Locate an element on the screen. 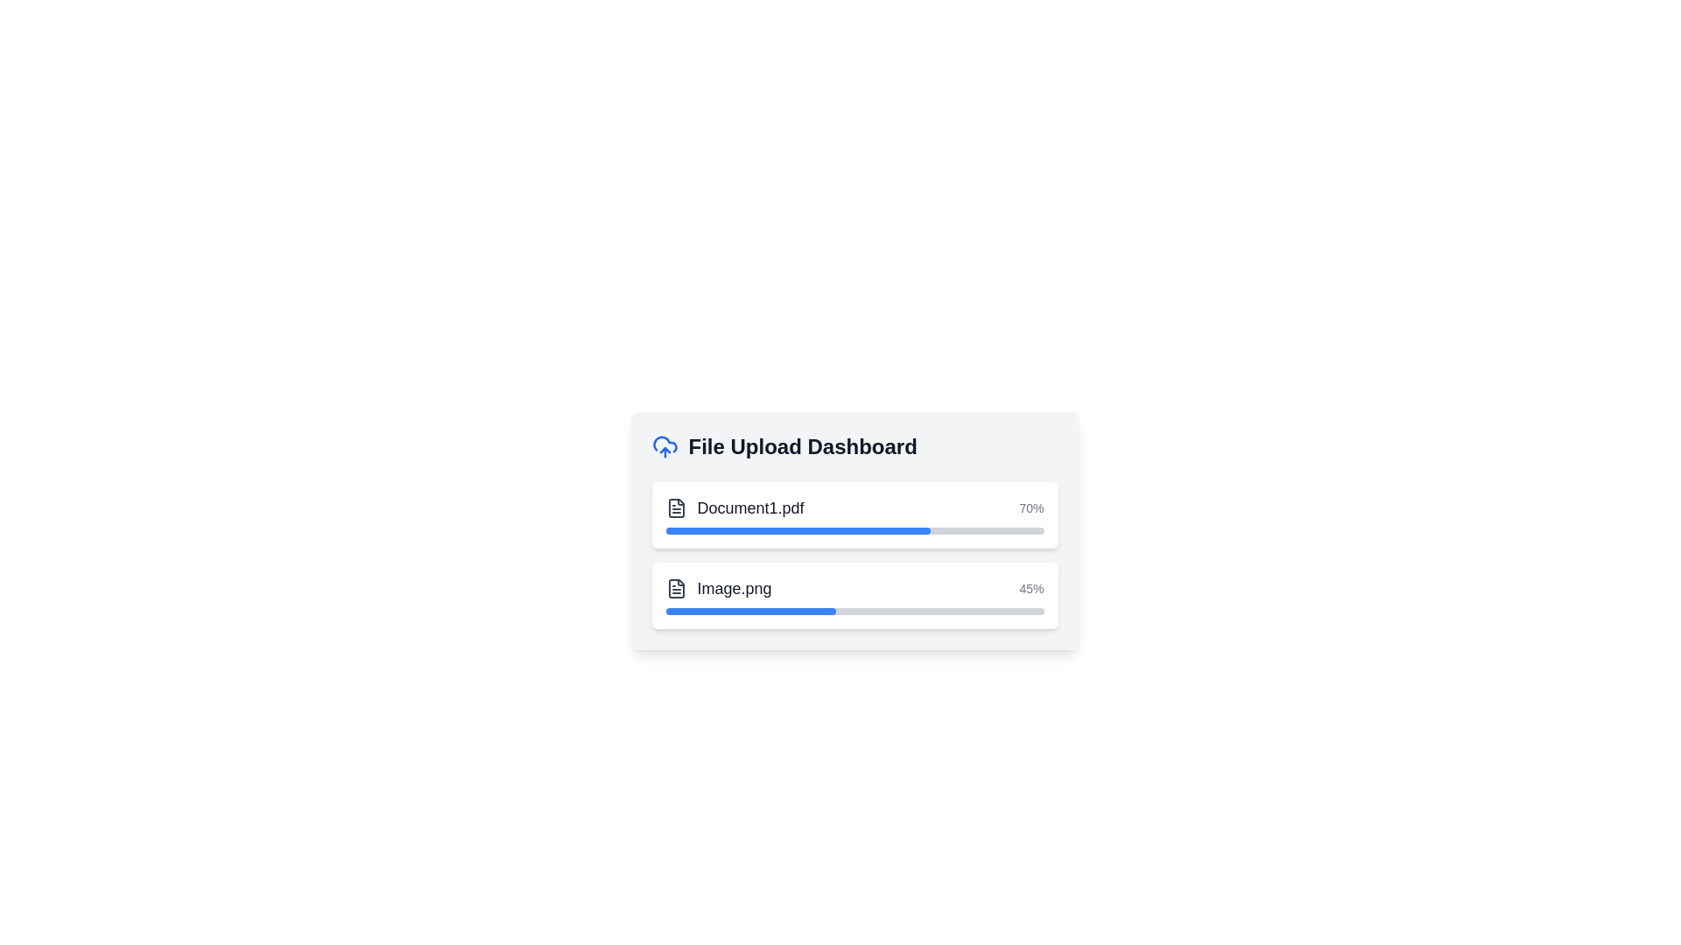 The image size is (1681, 945). the progress text label indicating the completion percentage for 'Document1.pdf' in the 'File Upload Dashboard' is located at coordinates (1031, 508).